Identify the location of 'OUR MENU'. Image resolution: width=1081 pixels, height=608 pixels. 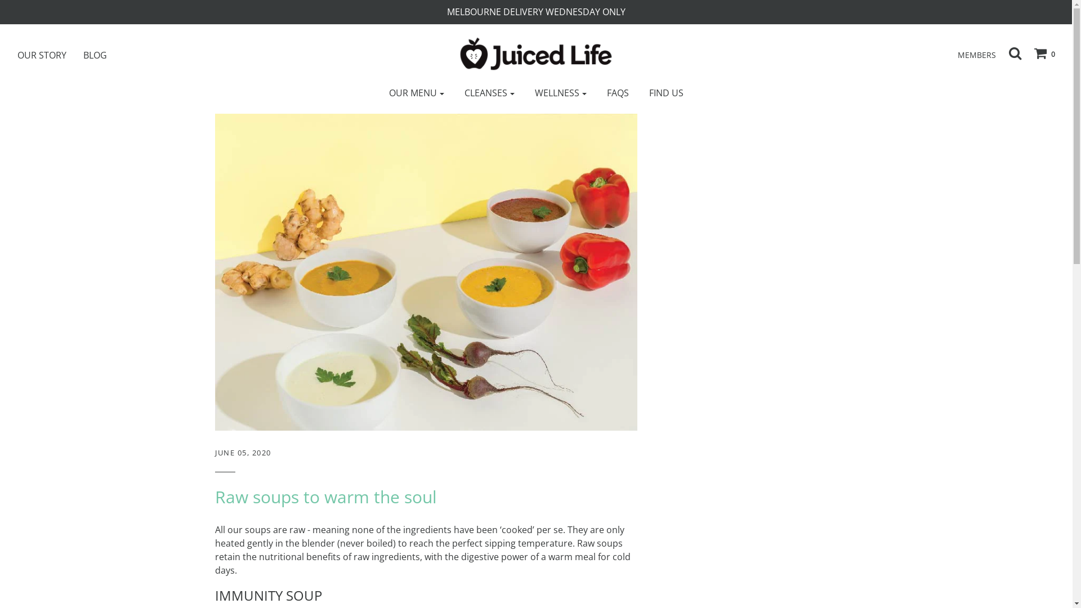
(381, 92).